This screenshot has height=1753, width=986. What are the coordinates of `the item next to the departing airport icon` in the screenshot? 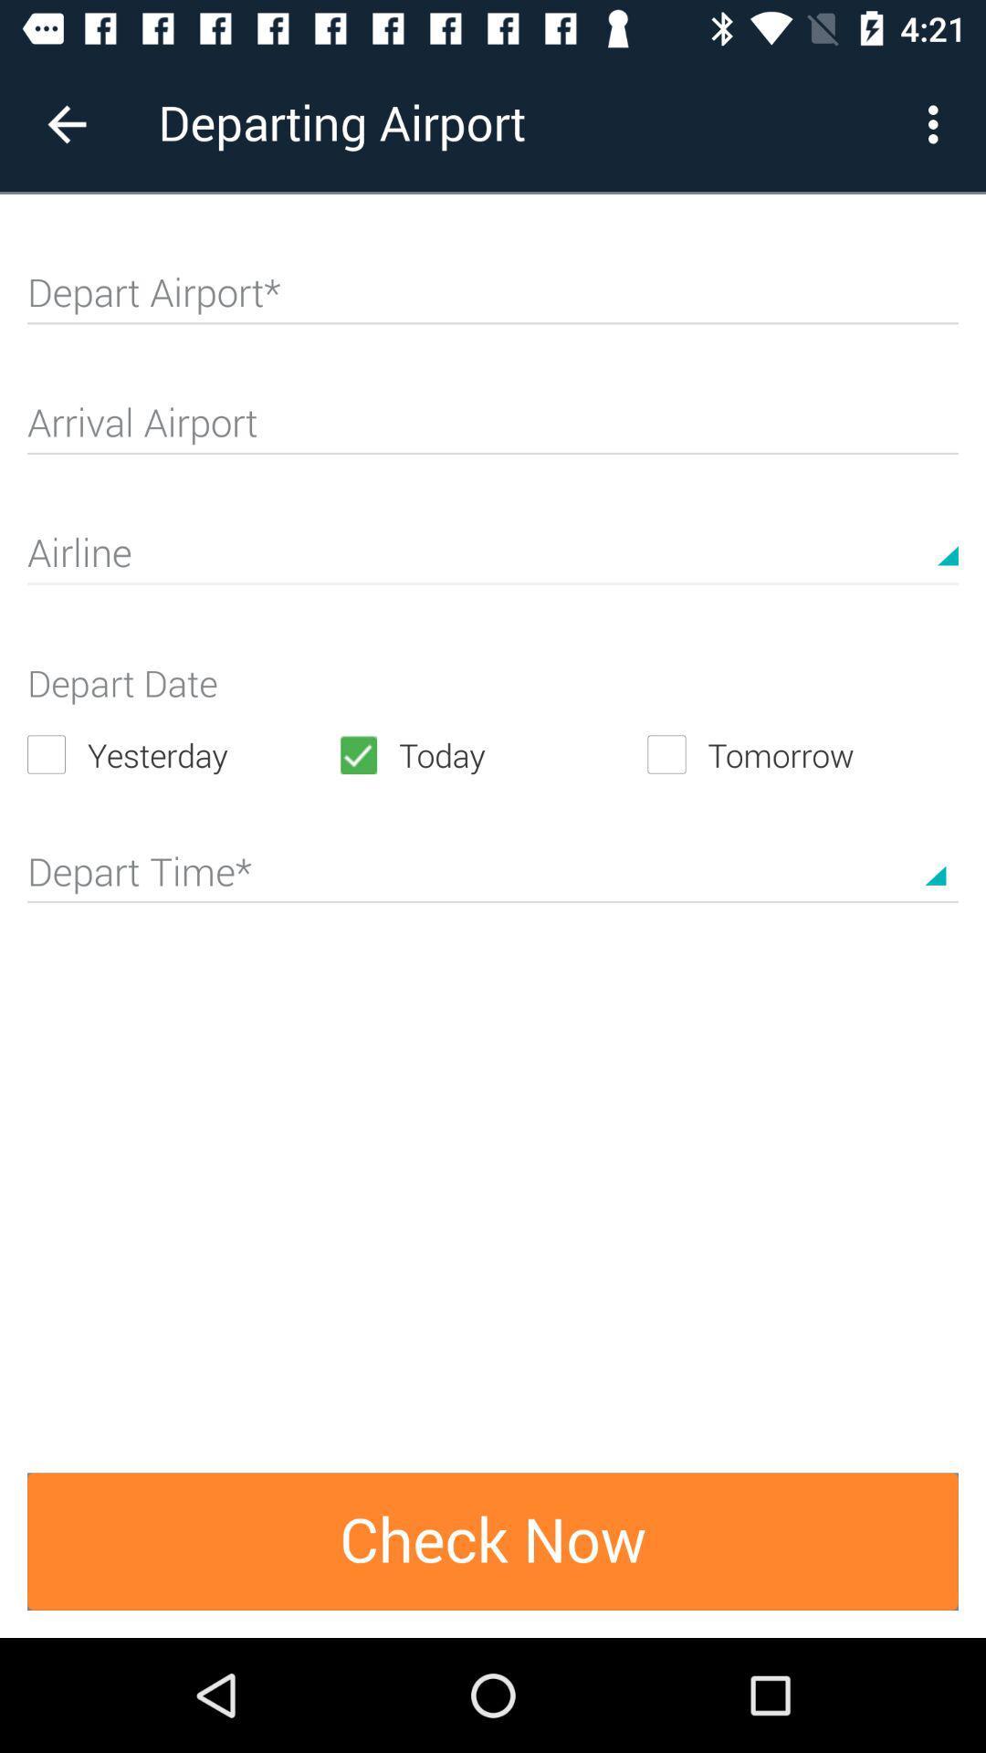 It's located at (66, 123).